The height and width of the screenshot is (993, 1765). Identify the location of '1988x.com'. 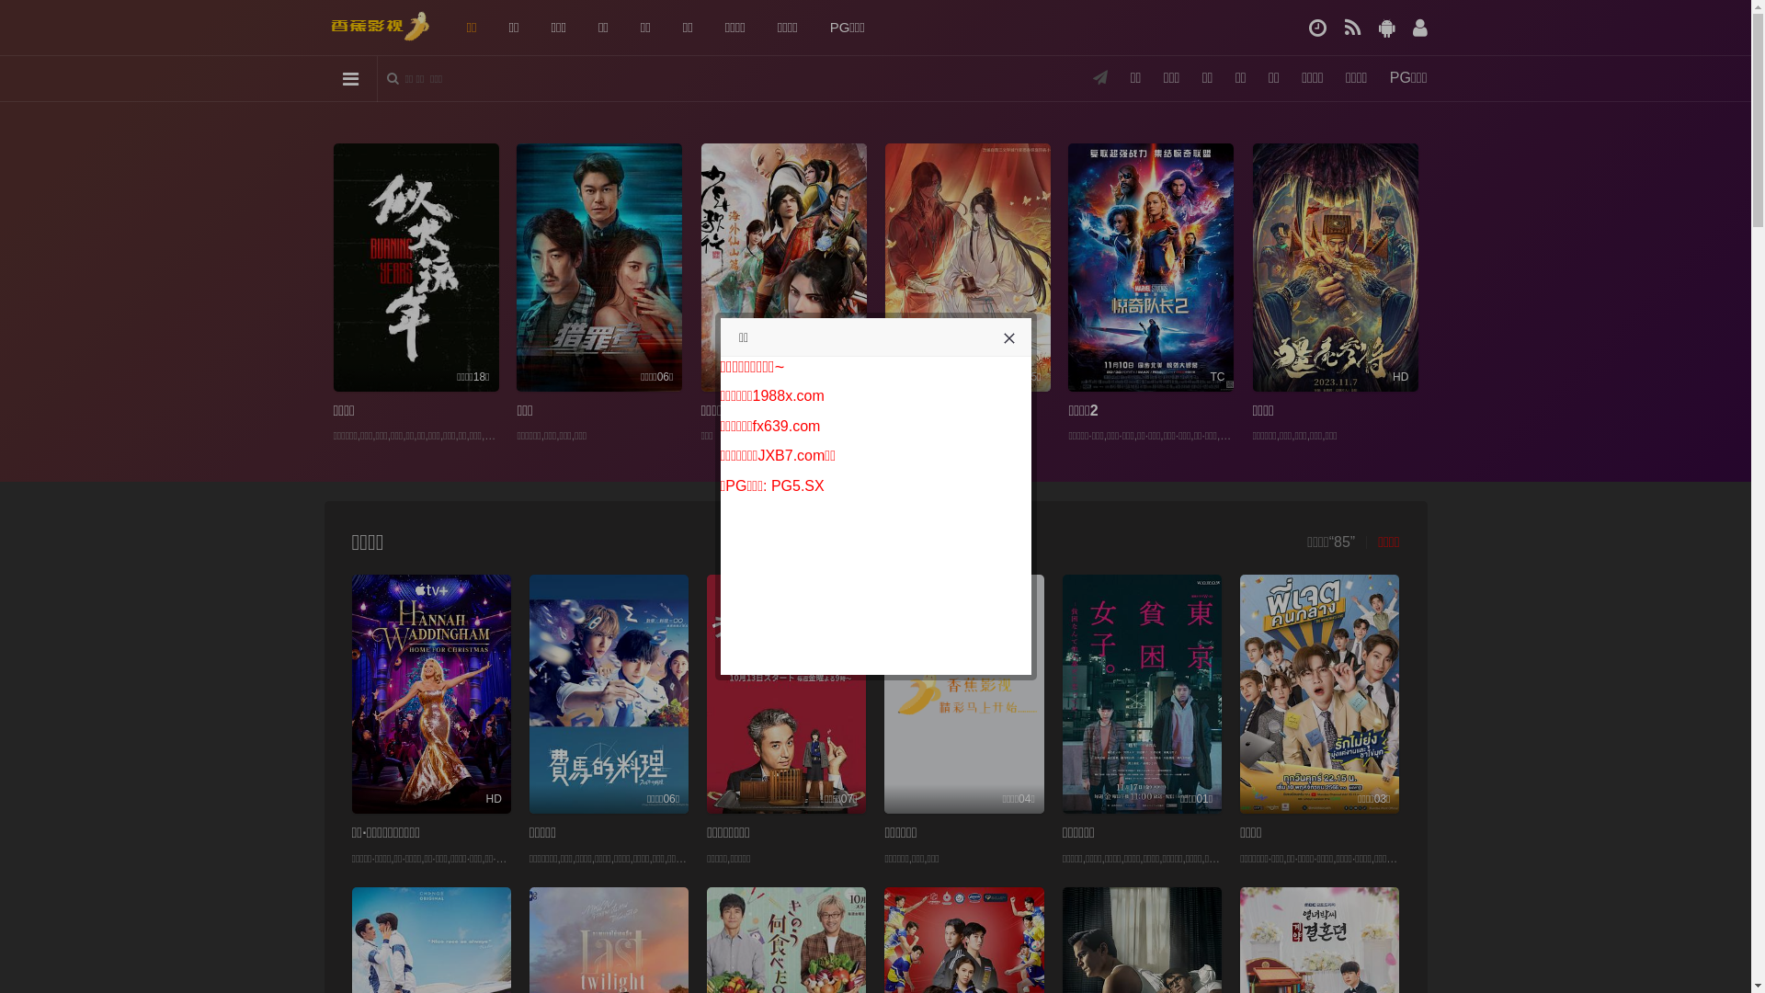
(789, 394).